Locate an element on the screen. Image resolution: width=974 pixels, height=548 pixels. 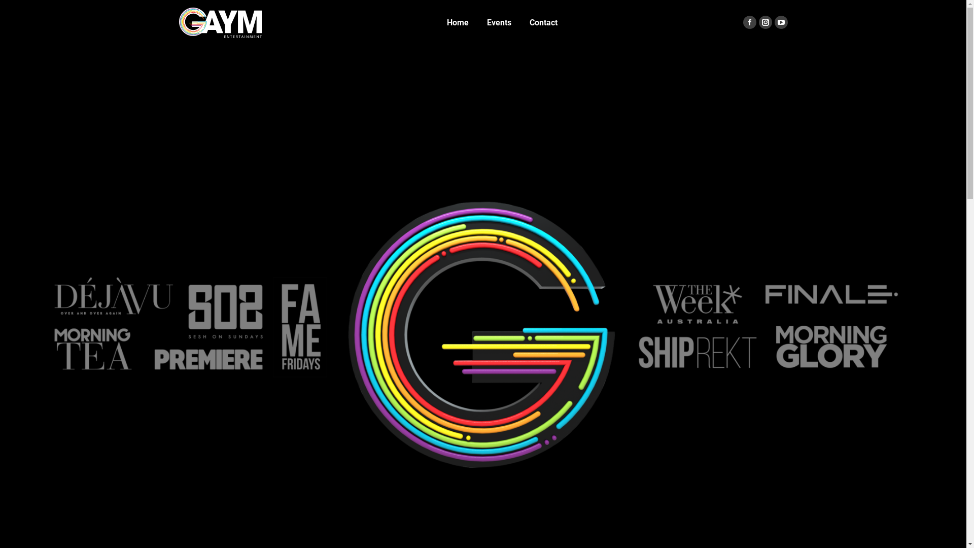
'Events' is located at coordinates (499, 23).